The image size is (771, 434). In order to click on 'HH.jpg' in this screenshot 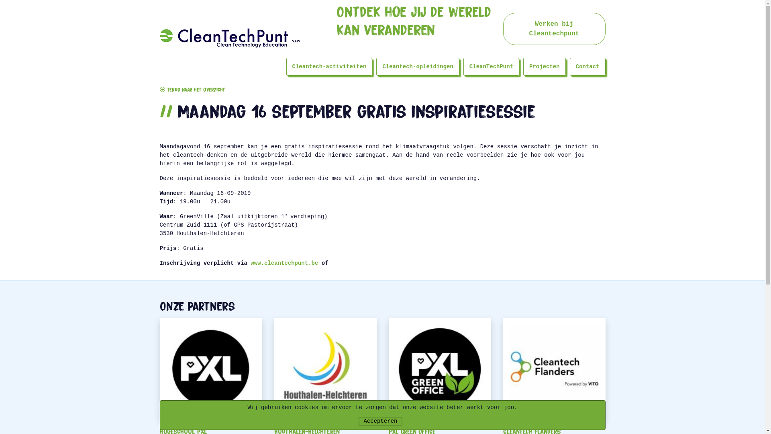, I will do `click(325, 369)`.